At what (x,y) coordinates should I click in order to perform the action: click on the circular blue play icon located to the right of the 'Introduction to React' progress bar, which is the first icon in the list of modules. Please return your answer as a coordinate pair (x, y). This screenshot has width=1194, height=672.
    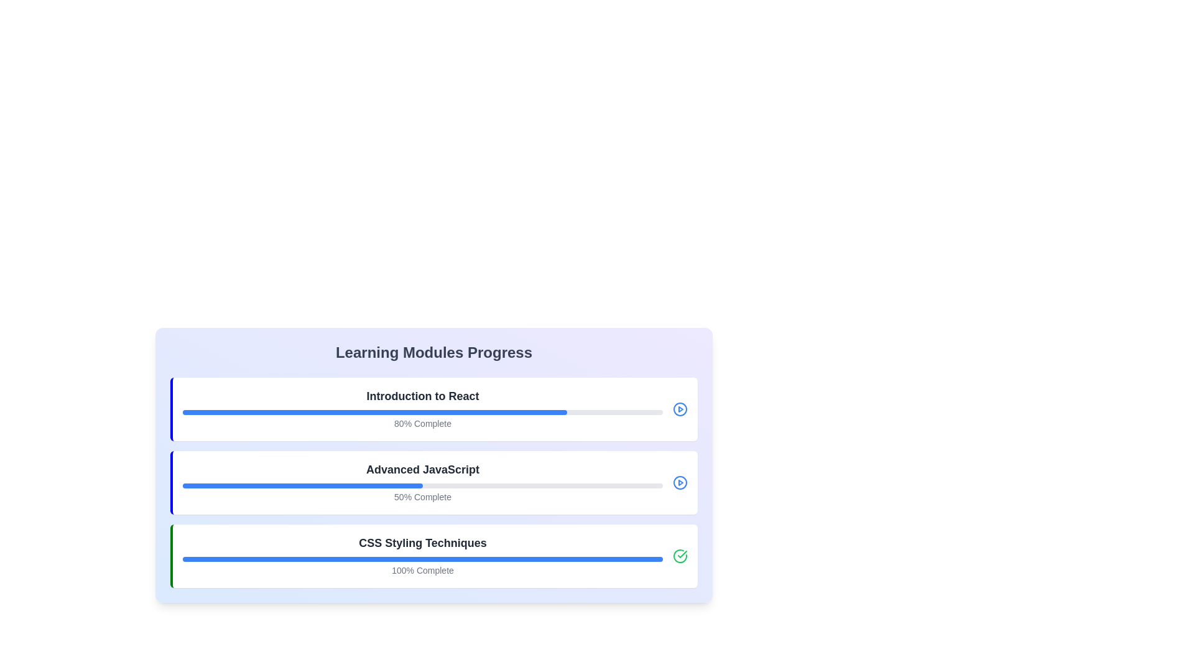
    Looking at the image, I should click on (680, 409).